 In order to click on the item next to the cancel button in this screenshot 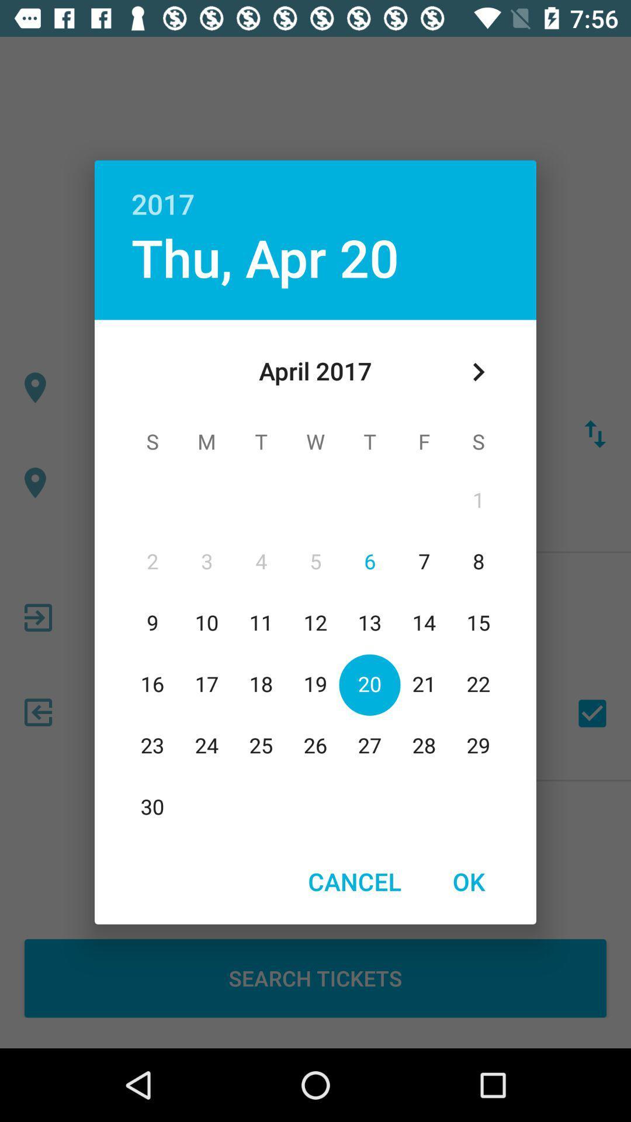, I will do `click(468, 881)`.